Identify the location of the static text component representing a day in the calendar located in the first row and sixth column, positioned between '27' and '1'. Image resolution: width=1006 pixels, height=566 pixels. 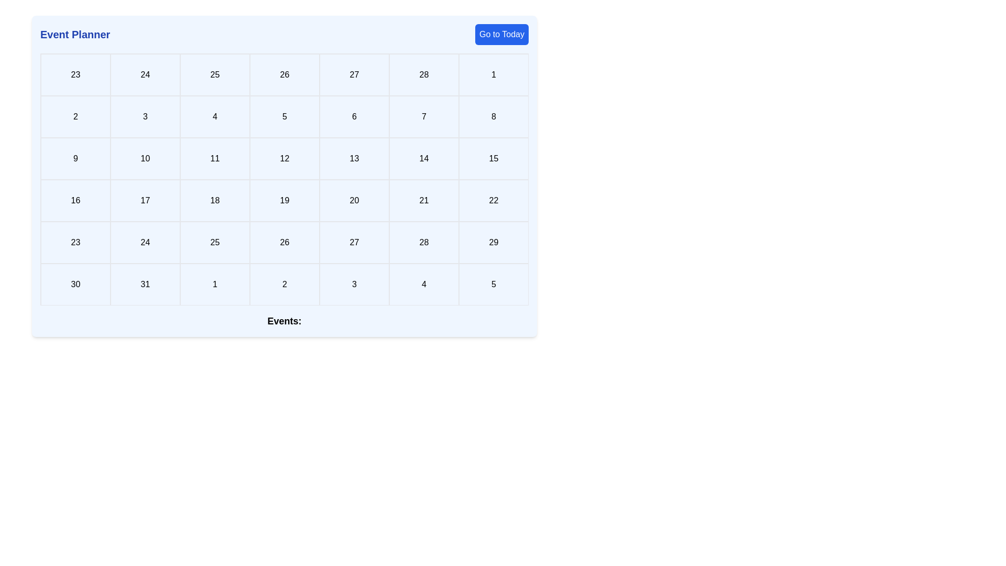
(424, 74).